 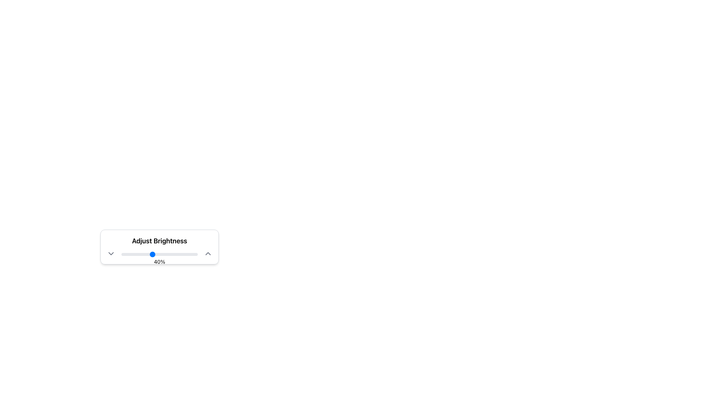 What do you see at coordinates (186, 254) in the screenshot?
I see `the brightness` at bounding box center [186, 254].